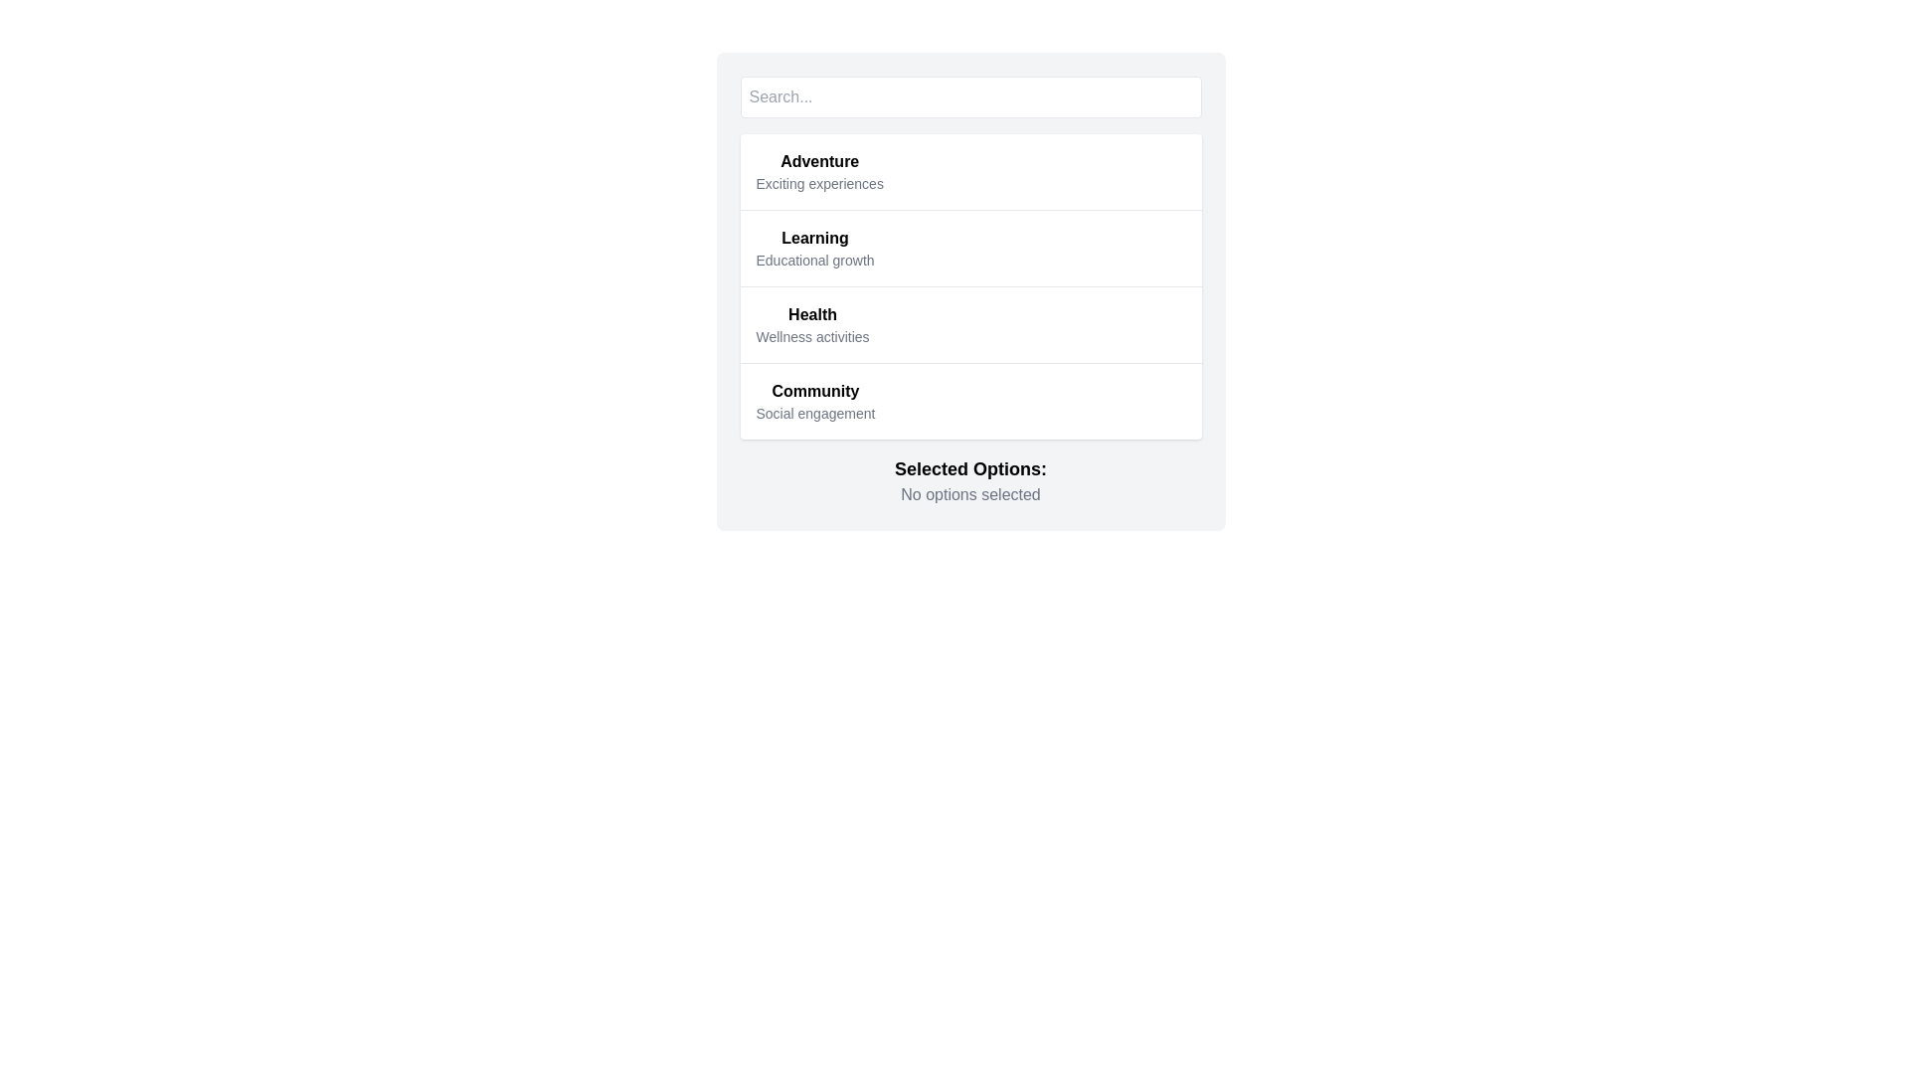  What do you see at coordinates (815, 260) in the screenshot?
I see `the text label displaying 'Educational growth', which is a subordinate descriptive text under the 'Learning' section in the vertical list` at bounding box center [815, 260].